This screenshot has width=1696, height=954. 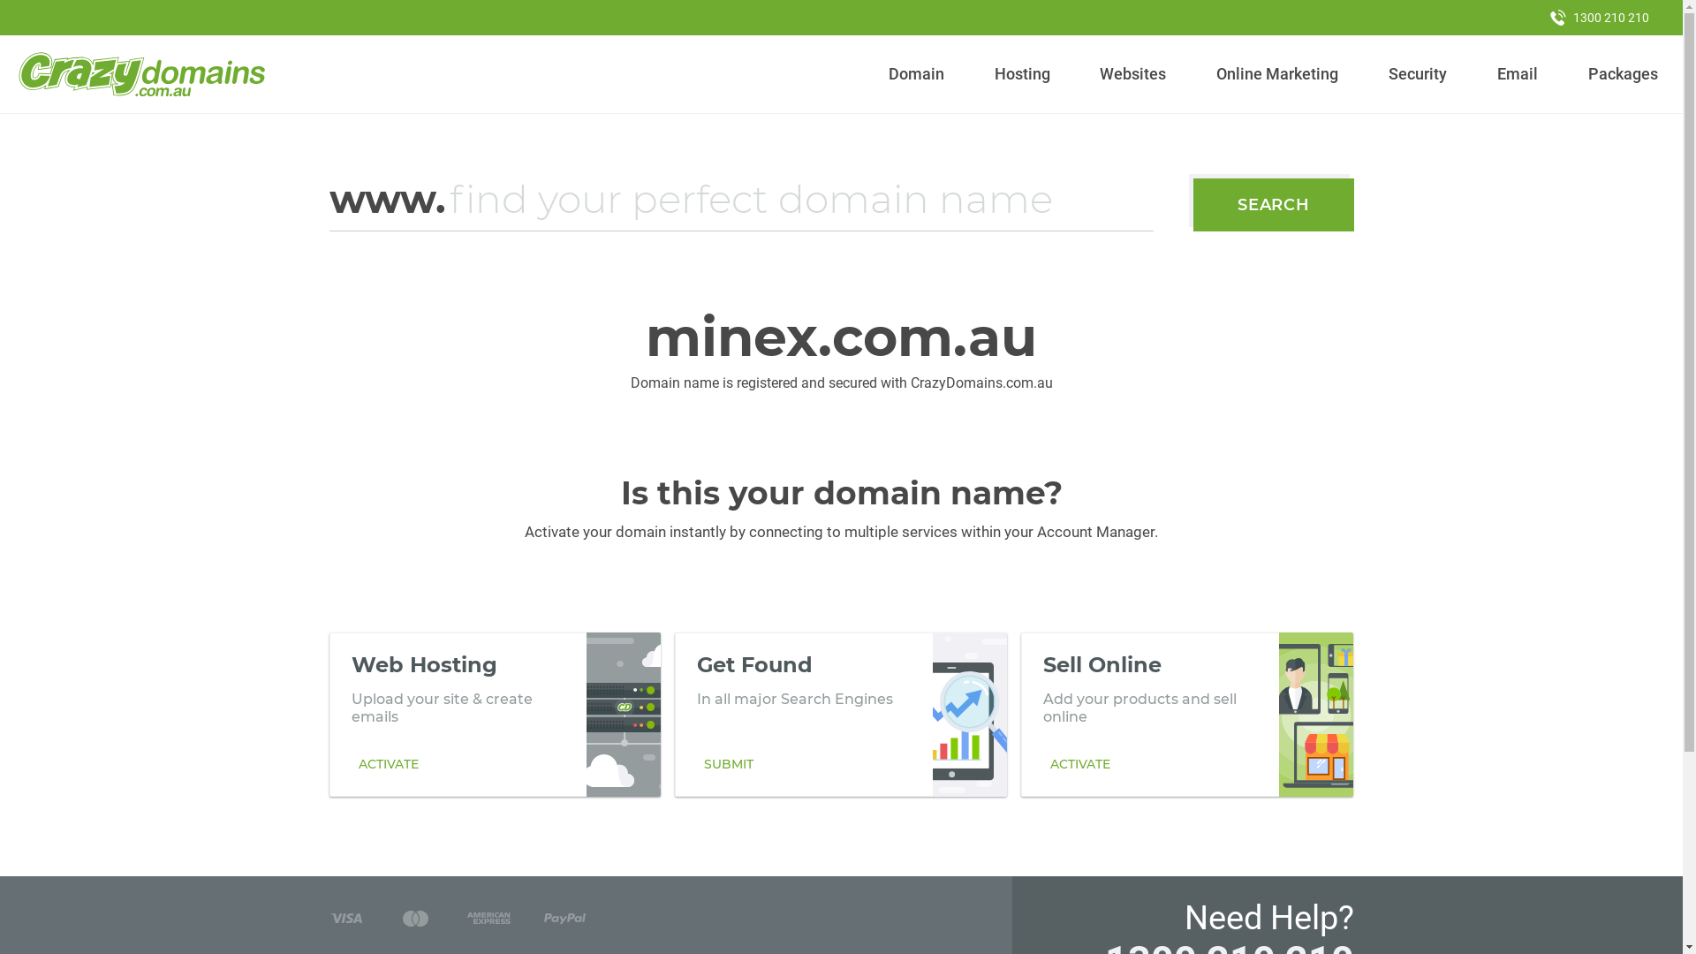 What do you see at coordinates (1021, 73) in the screenshot?
I see `'Hosting'` at bounding box center [1021, 73].